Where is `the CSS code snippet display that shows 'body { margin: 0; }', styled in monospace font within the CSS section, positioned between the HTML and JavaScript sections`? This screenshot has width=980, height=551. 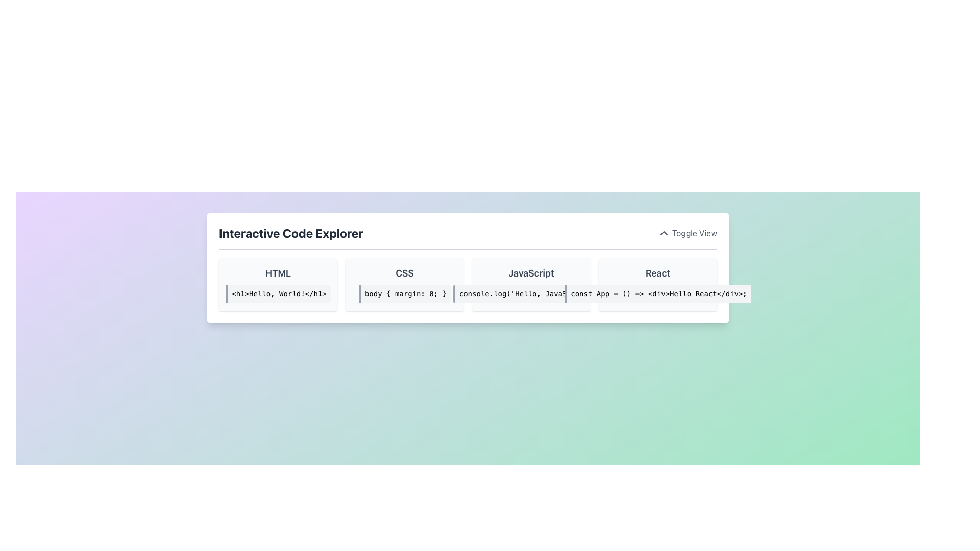
the CSS code snippet display that shows 'body { margin: 0; }', styled in monospace font within the CSS section, positioned between the HTML and JavaScript sections is located at coordinates (405, 293).